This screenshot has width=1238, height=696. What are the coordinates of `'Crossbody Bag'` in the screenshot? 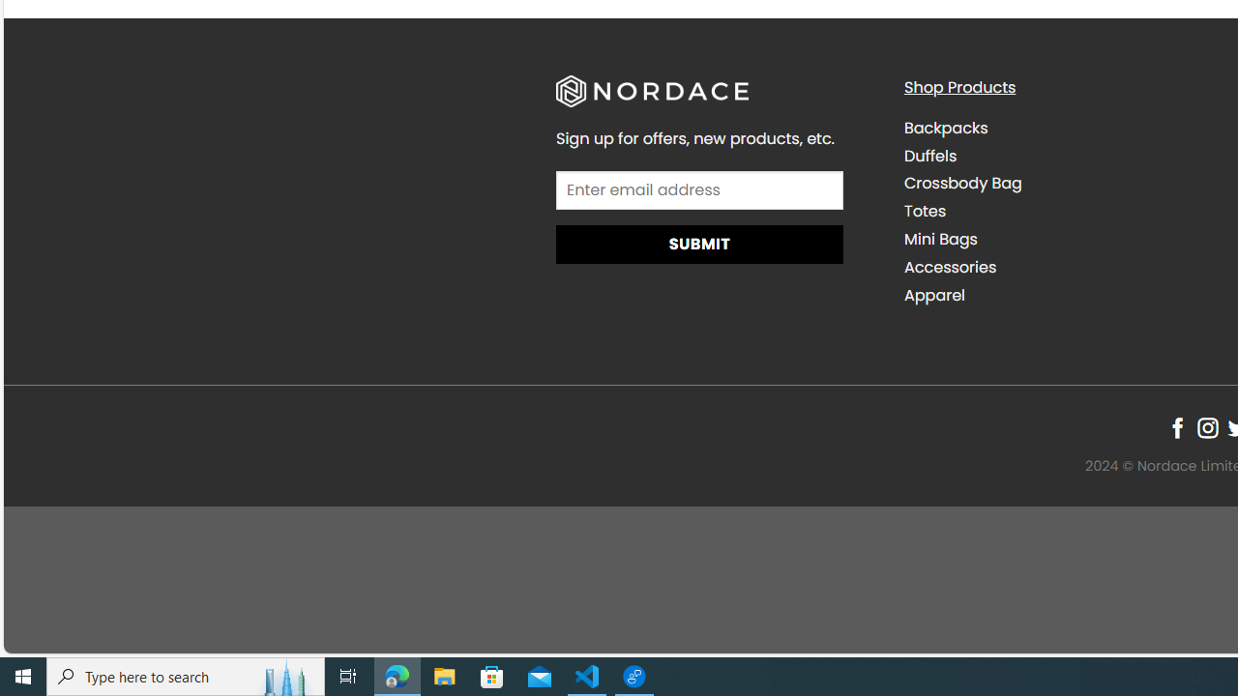 It's located at (1062, 184).